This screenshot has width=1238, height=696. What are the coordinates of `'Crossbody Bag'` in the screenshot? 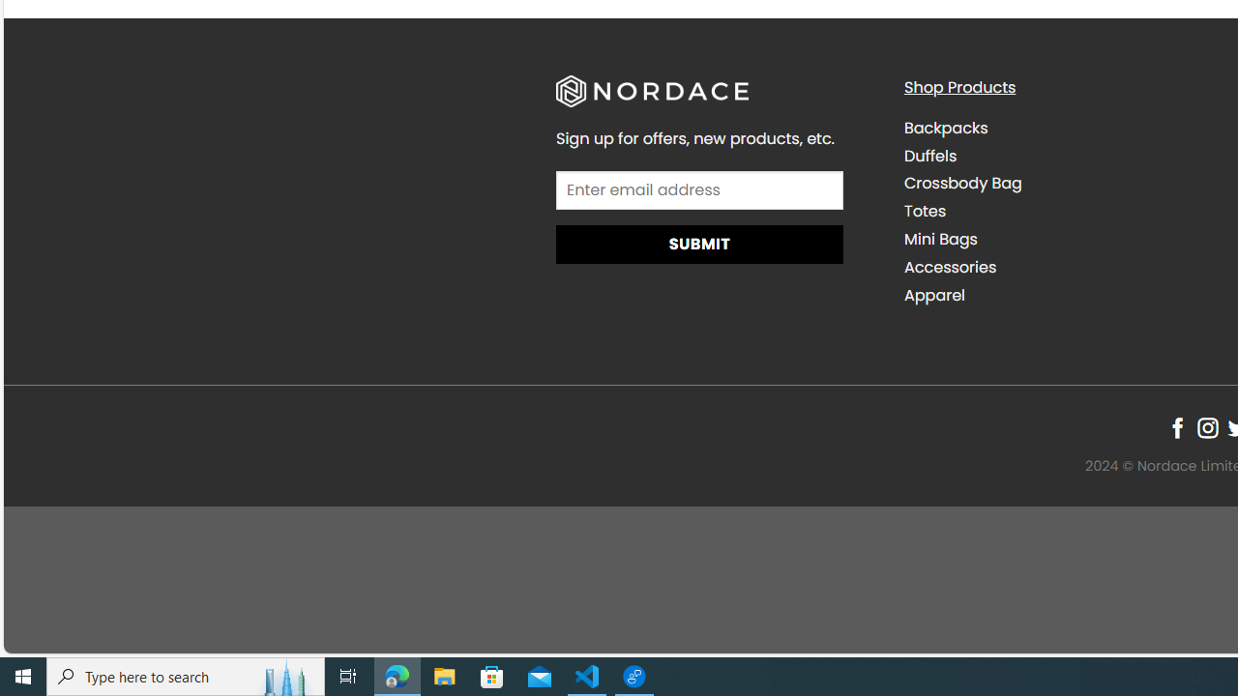 It's located at (1062, 184).